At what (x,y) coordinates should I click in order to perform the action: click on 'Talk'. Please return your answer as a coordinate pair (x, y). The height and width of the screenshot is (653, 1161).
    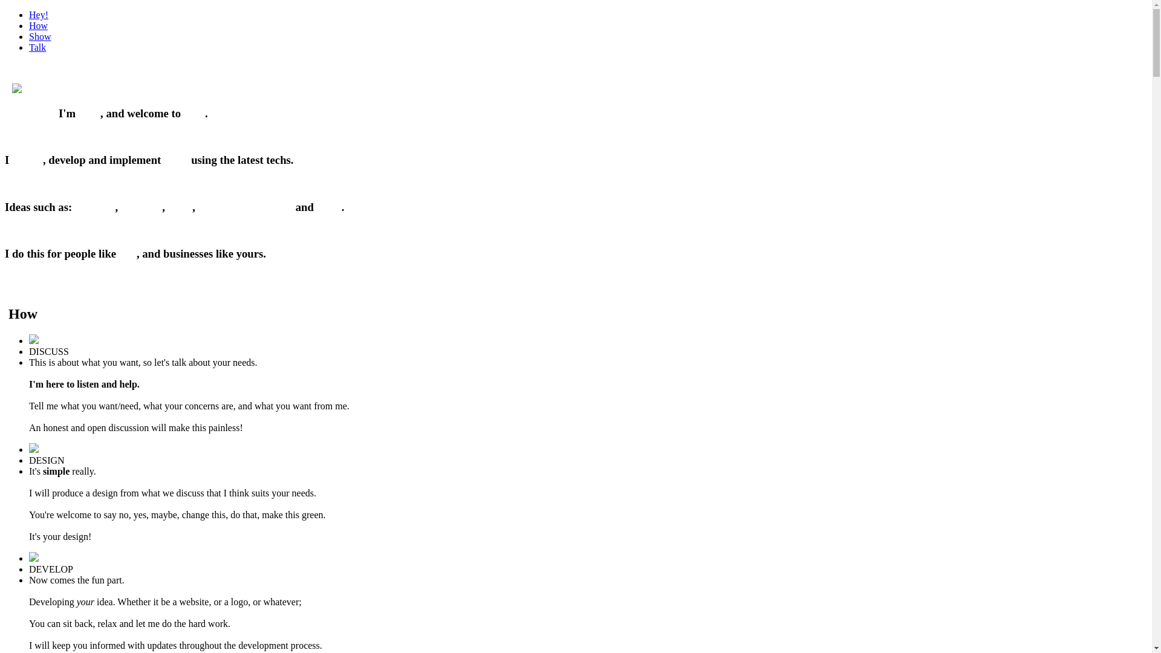
    Looking at the image, I should click on (37, 47).